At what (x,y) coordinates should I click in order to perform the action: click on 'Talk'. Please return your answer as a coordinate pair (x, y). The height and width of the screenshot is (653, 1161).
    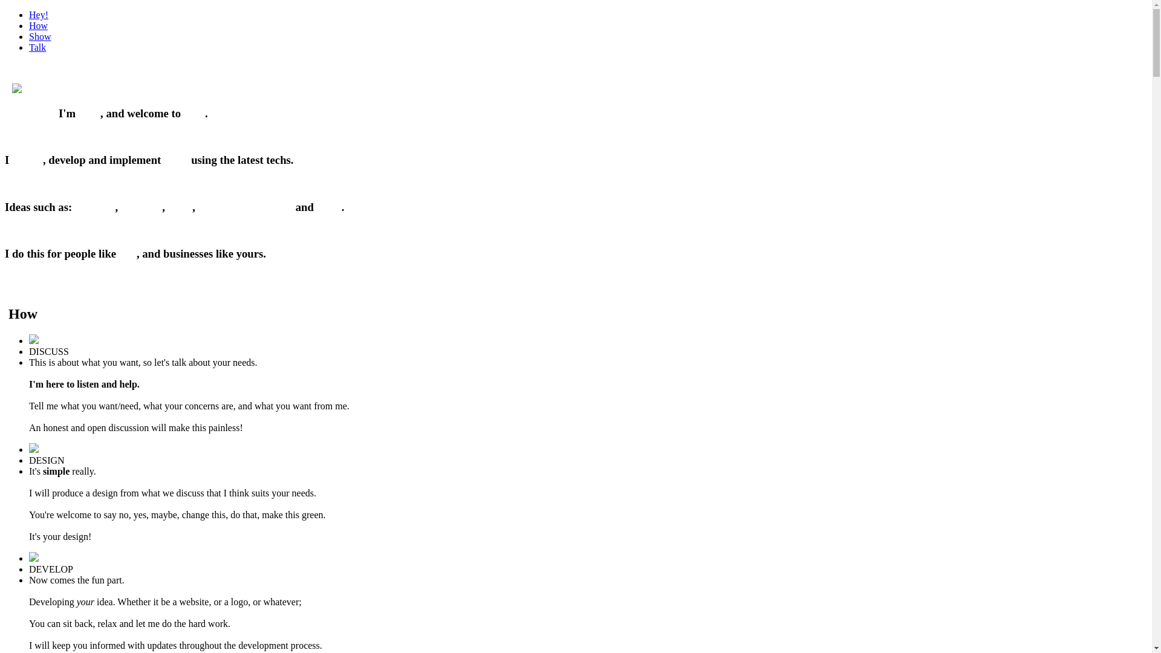
    Looking at the image, I should click on (37, 47).